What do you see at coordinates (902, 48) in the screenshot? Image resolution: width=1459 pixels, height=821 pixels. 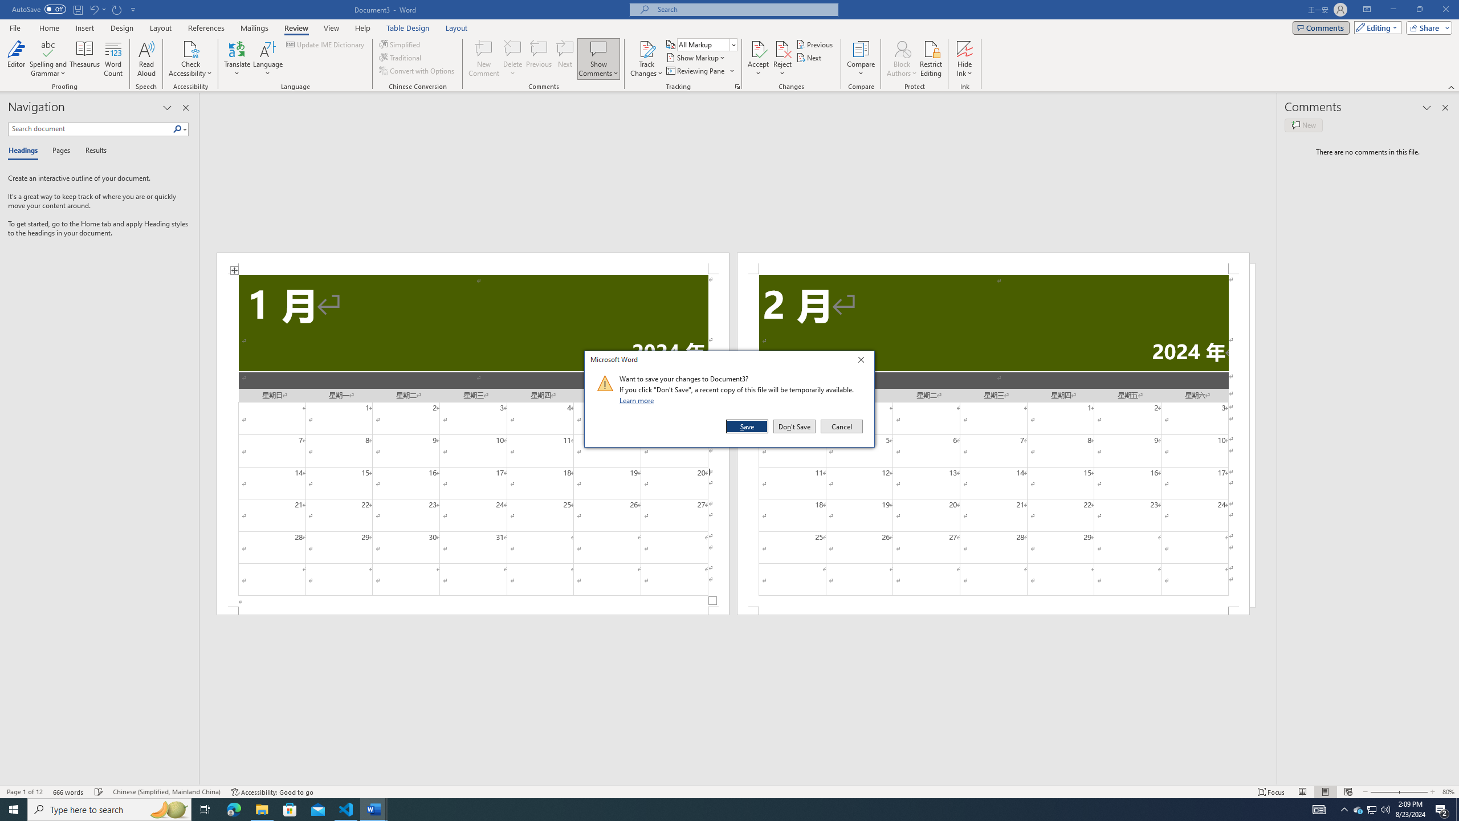 I see `'Block Authors'` at bounding box center [902, 48].